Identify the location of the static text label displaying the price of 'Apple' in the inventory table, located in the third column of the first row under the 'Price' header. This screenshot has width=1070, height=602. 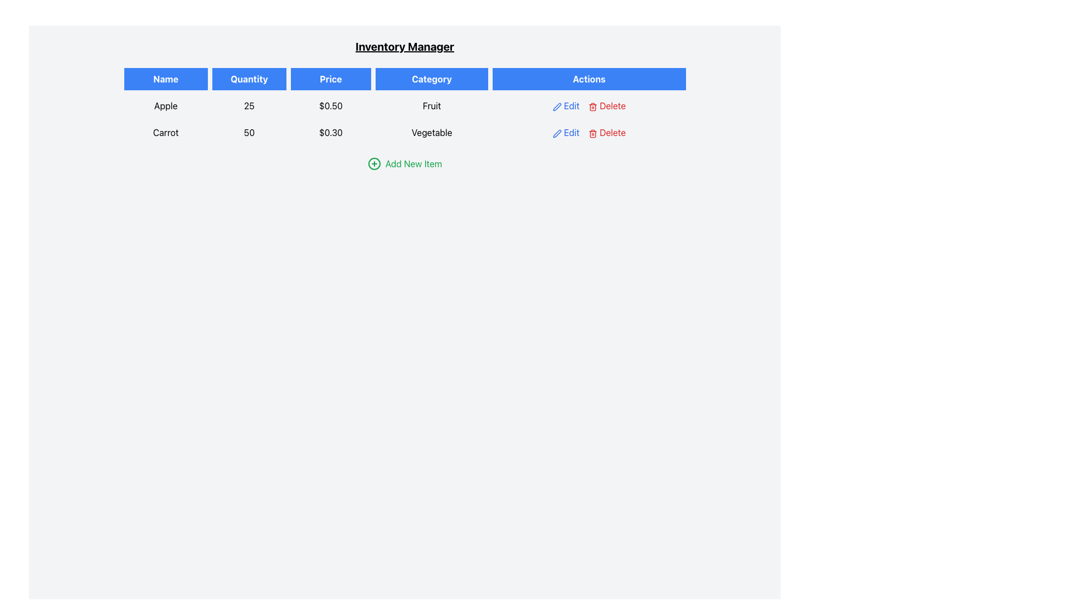
(330, 105).